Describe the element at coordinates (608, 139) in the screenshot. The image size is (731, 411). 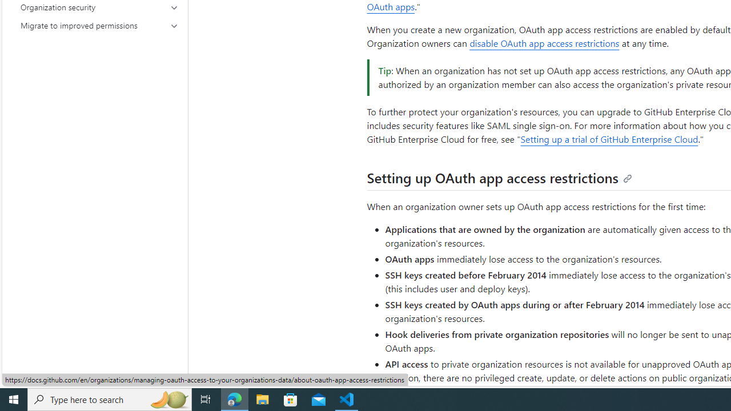
I see `'Setting up a trial of GitHub Enterprise Cloud'` at that location.